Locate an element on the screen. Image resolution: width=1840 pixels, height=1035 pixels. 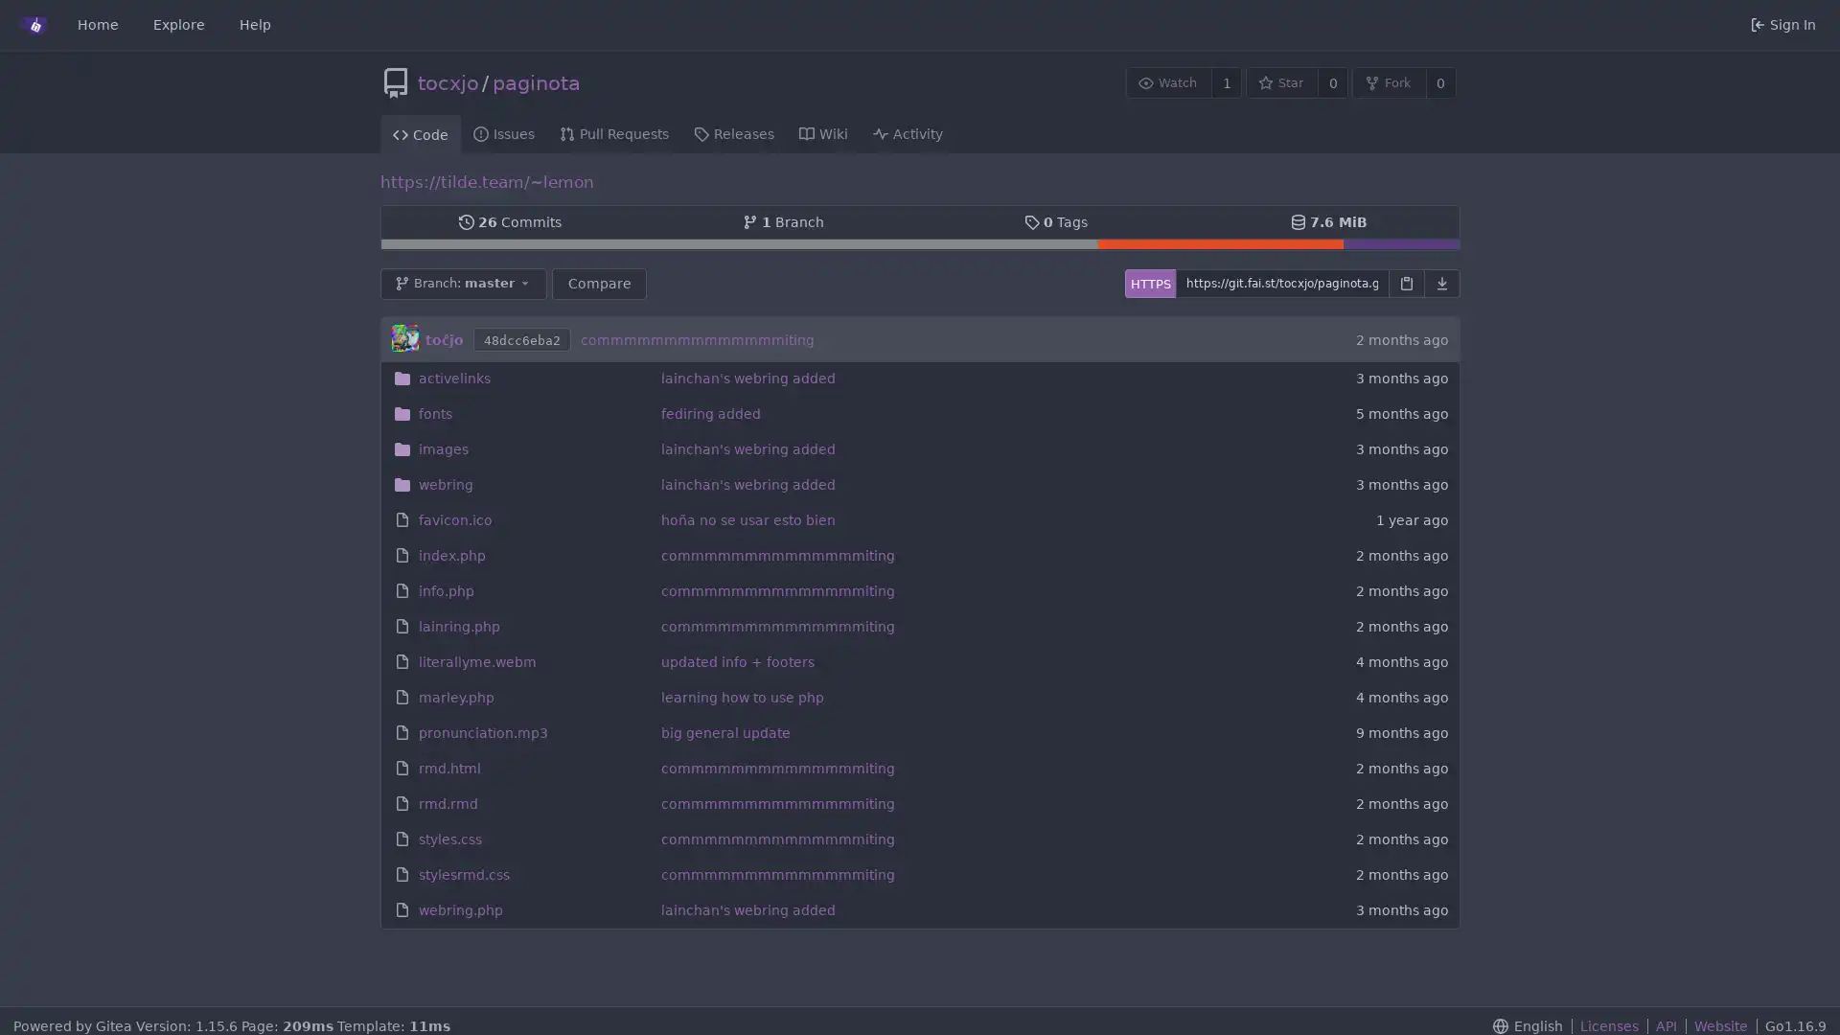
Watch is located at coordinates (1167, 81).